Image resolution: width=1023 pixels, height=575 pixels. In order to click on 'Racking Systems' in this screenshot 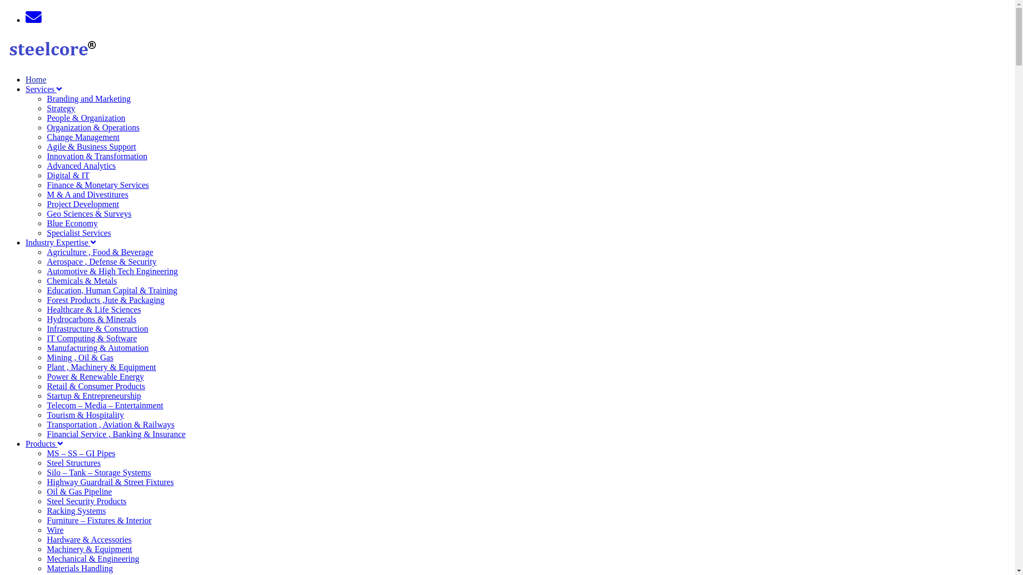, I will do `click(76, 510)`.